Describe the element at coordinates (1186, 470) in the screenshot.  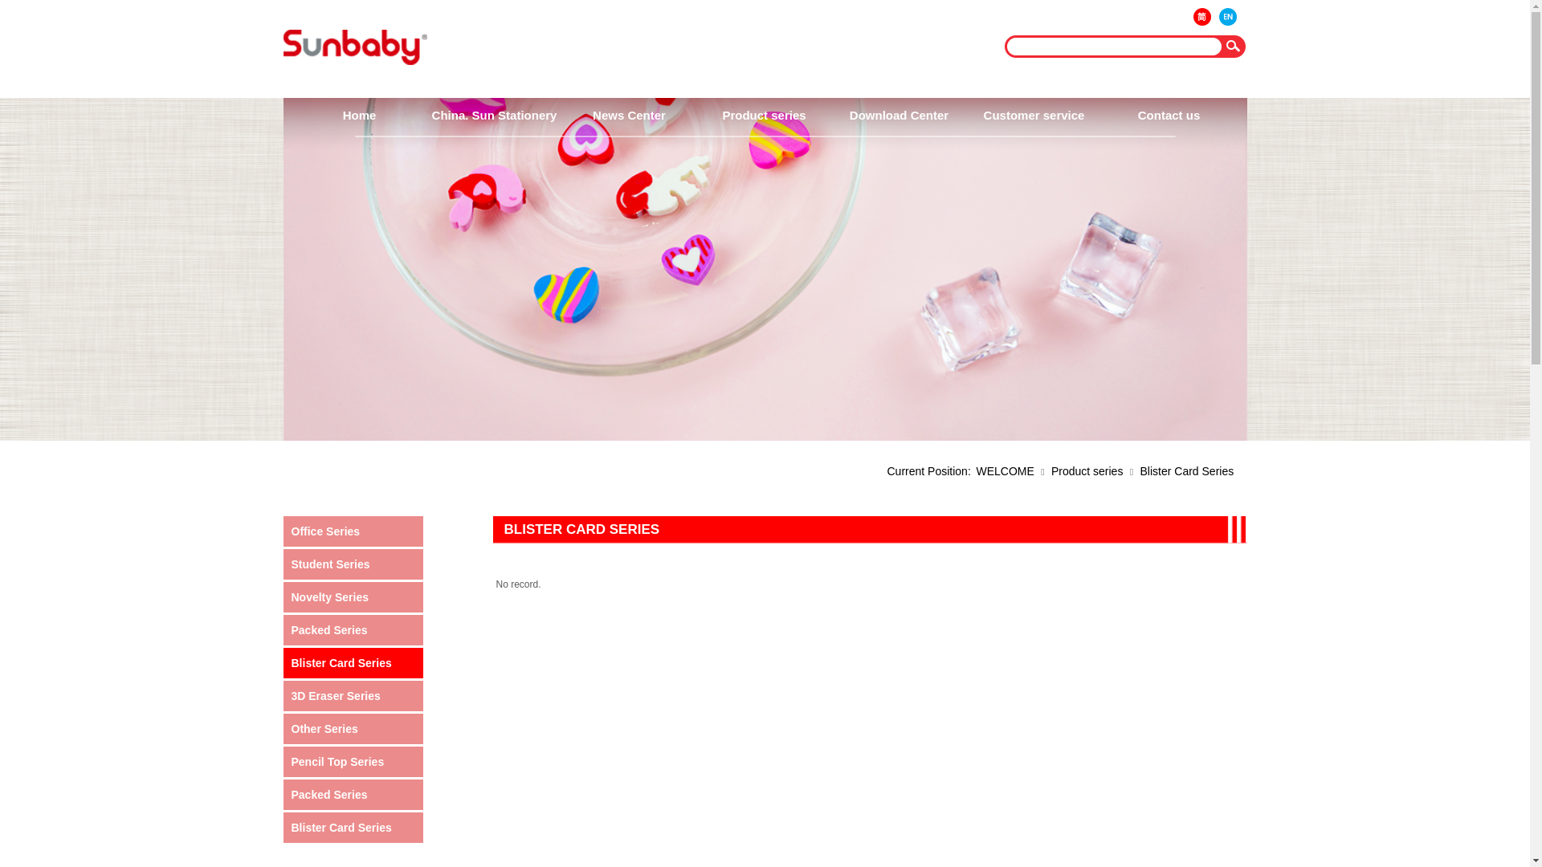
I see `'Blister Card Series'` at that location.